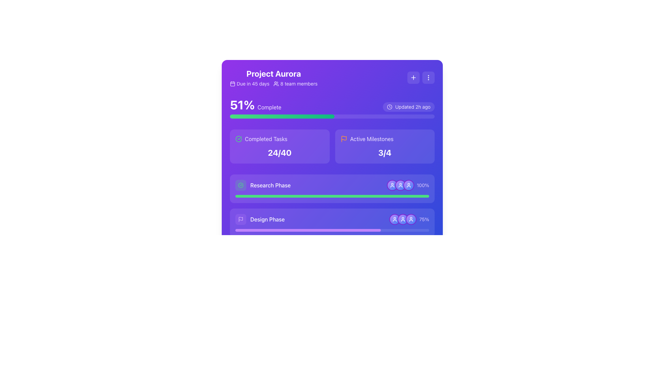 Image resolution: width=654 pixels, height=368 pixels. I want to click on the progress status label indicating '51% completed' for the task 'Project Aurora', located in the upper-left section of the card layout, so click(255, 105).